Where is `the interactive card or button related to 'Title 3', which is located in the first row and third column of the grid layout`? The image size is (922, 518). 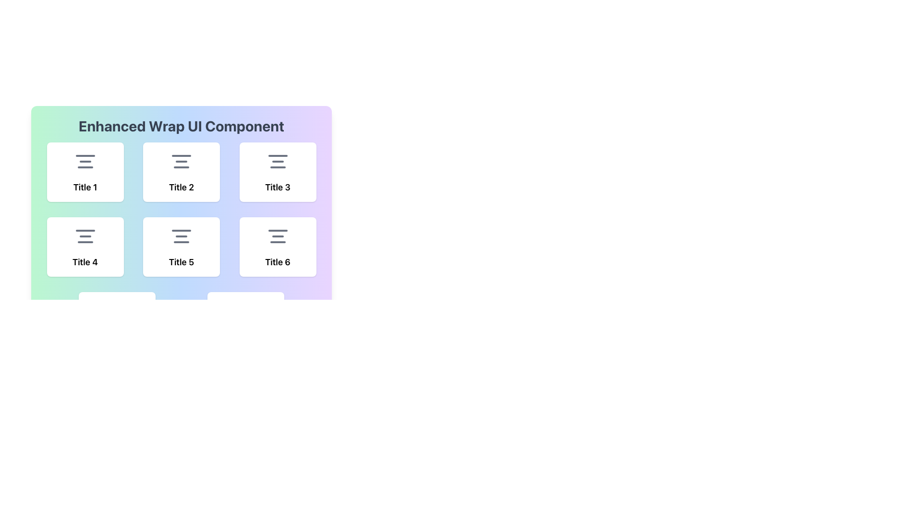 the interactive card or button related to 'Title 3', which is located in the first row and third column of the grid layout is located at coordinates (277, 171).